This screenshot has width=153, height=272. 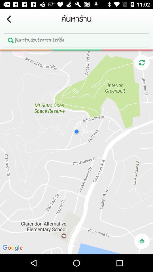 I want to click on my location, so click(x=141, y=241).